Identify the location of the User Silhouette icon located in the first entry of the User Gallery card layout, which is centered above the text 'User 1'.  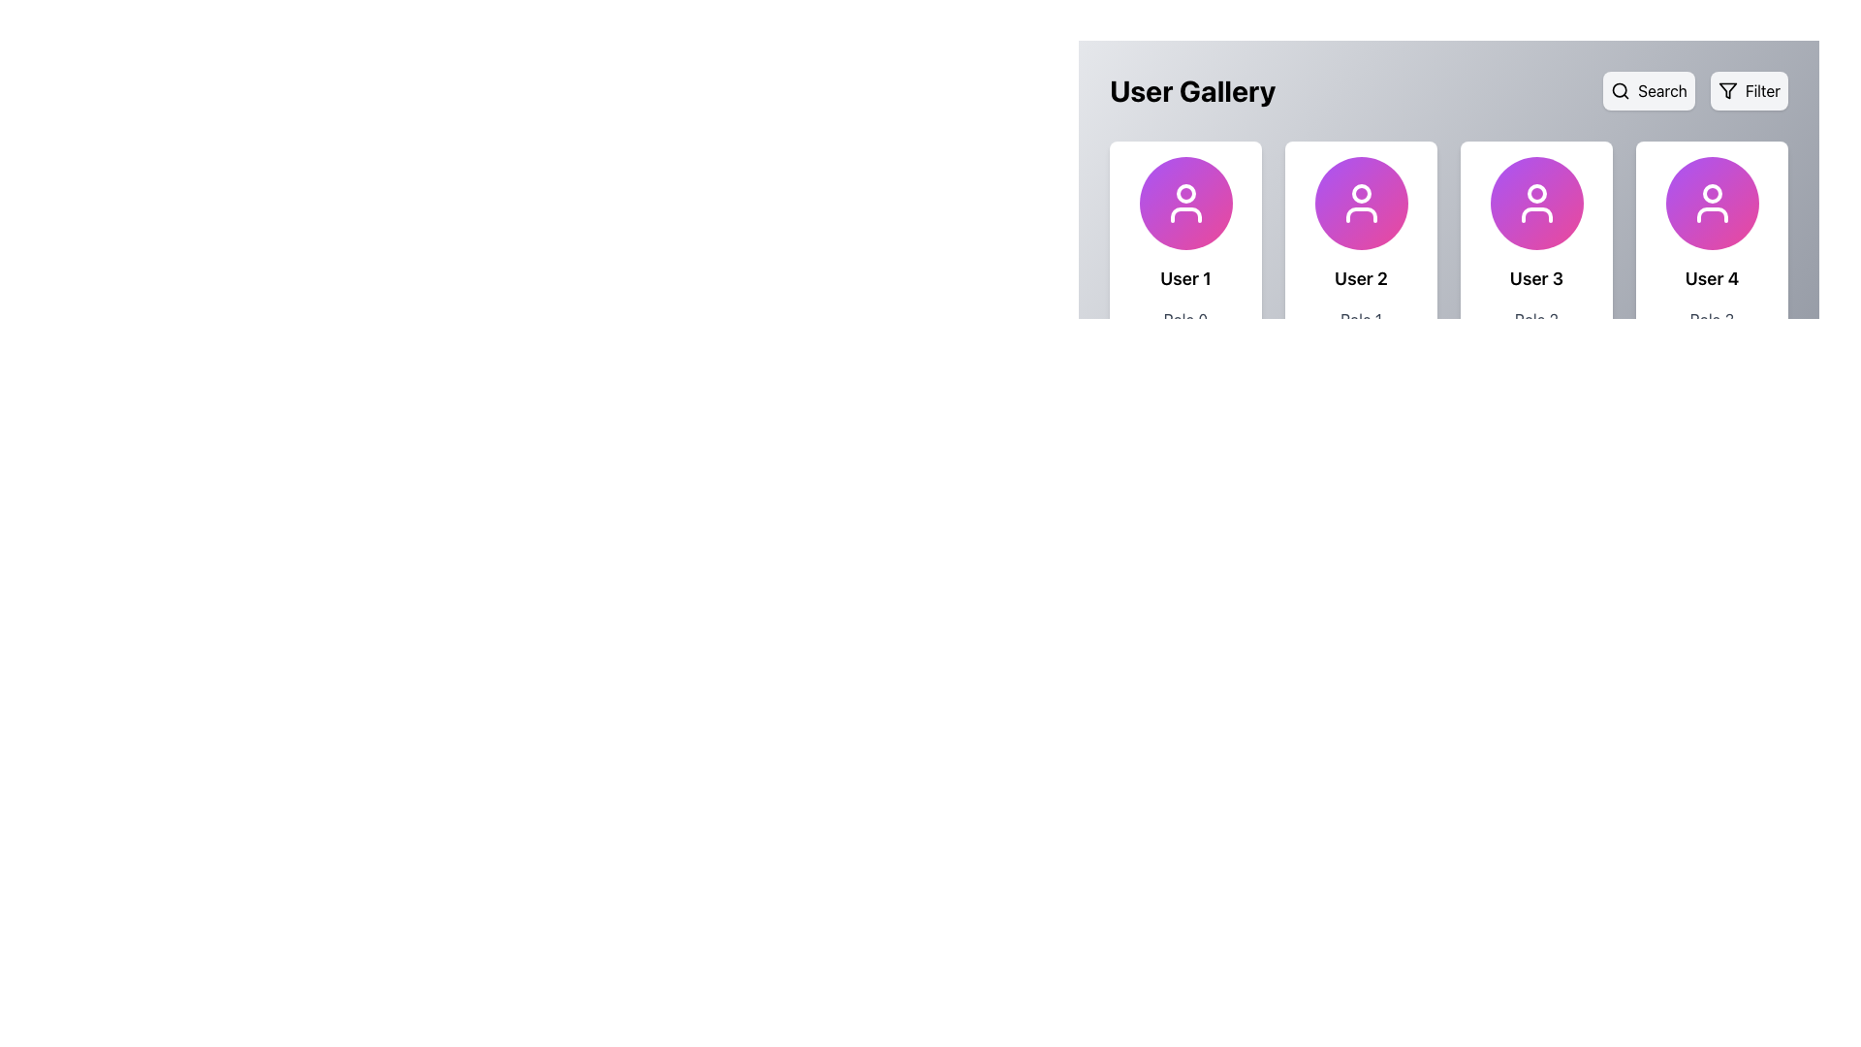
(1184, 203).